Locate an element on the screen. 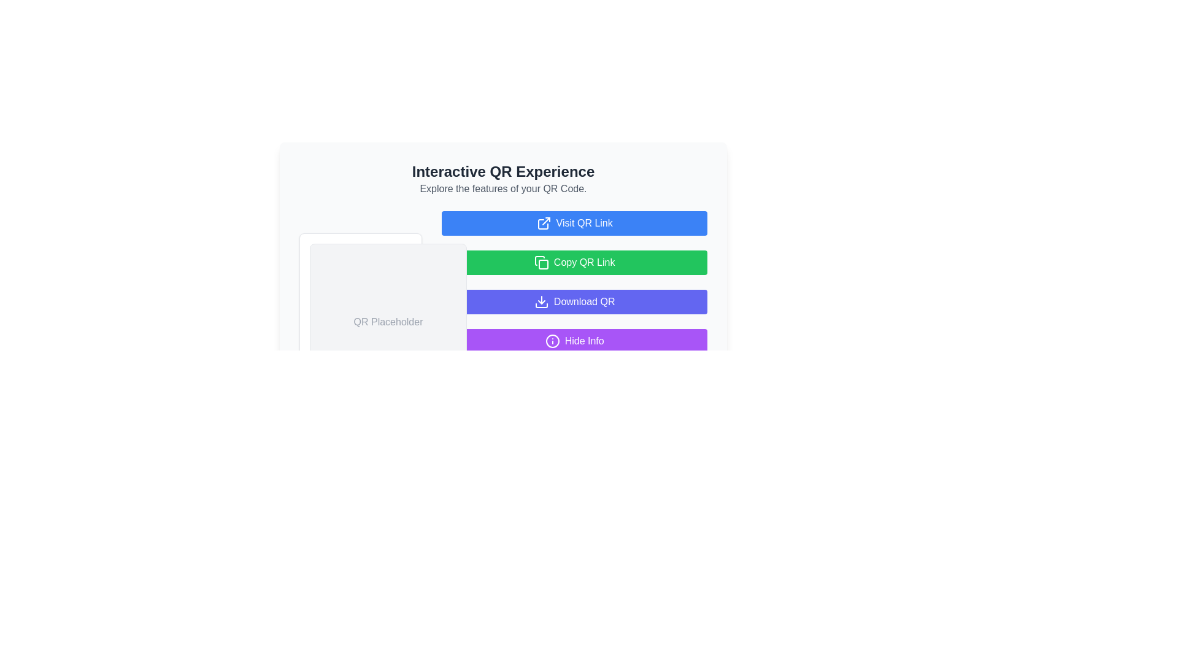  the button located at the bottom of the vertical sequence of buttons in the 'Interactive QR Experience' module is located at coordinates (574, 341).